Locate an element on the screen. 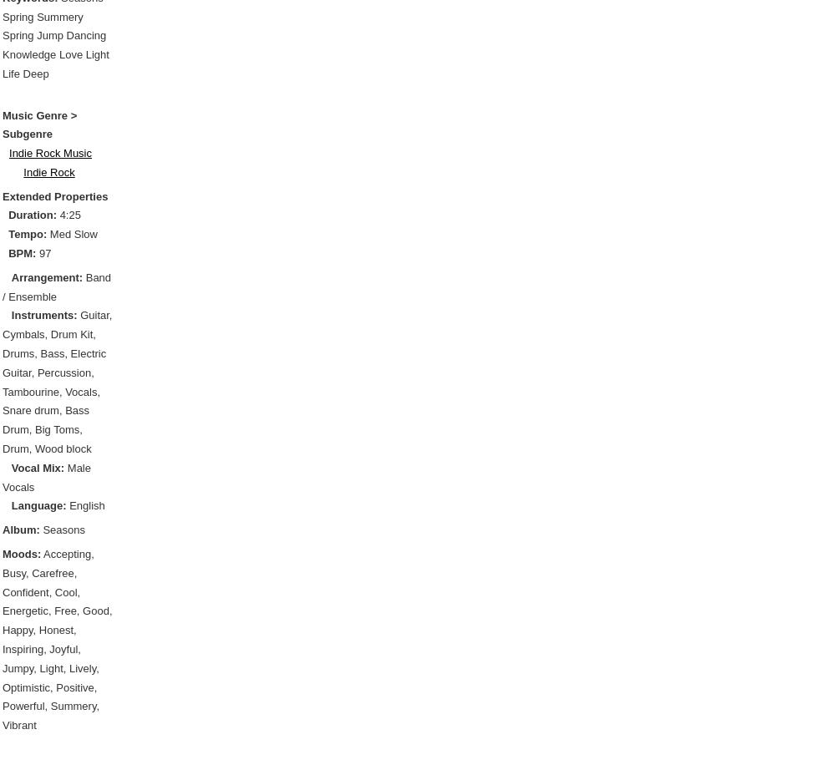  'Vocal Mix:' is located at coordinates (37, 467).